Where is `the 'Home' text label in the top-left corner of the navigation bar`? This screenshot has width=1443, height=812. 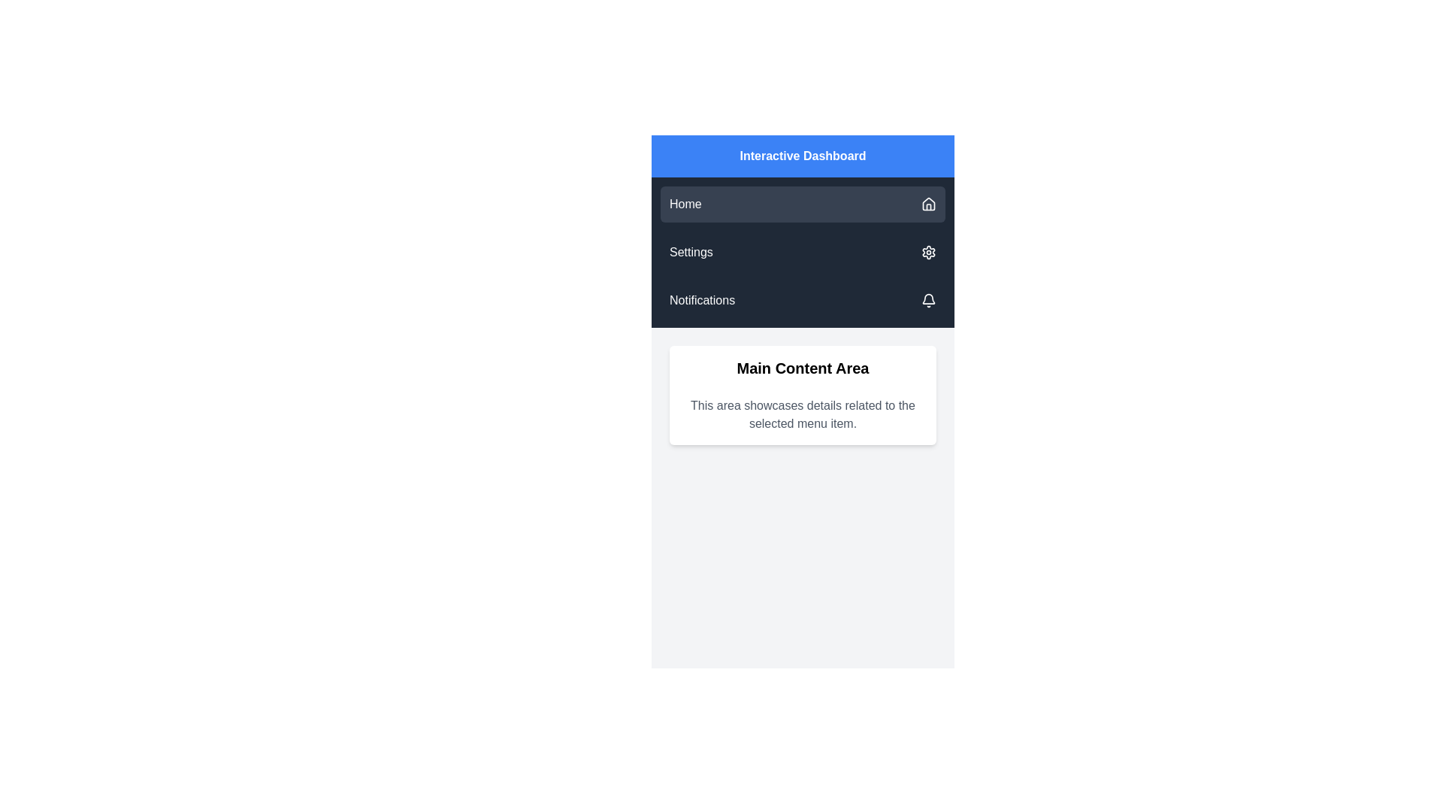 the 'Home' text label in the top-left corner of the navigation bar is located at coordinates (685, 205).